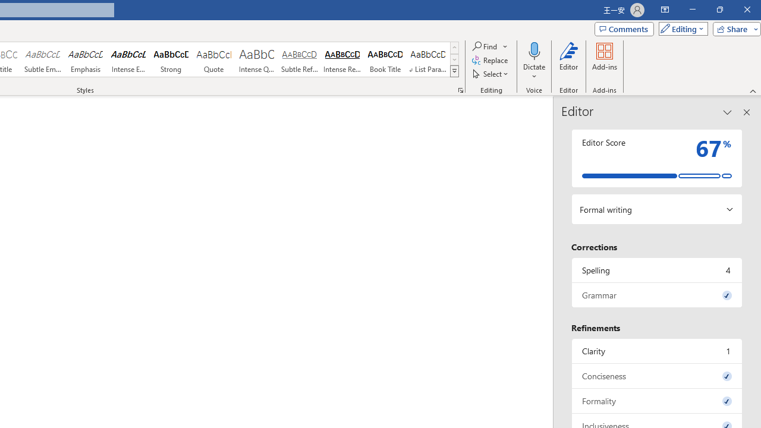 This screenshot has width=761, height=428. What do you see at coordinates (454, 71) in the screenshot?
I see `'Styles'` at bounding box center [454, 71].